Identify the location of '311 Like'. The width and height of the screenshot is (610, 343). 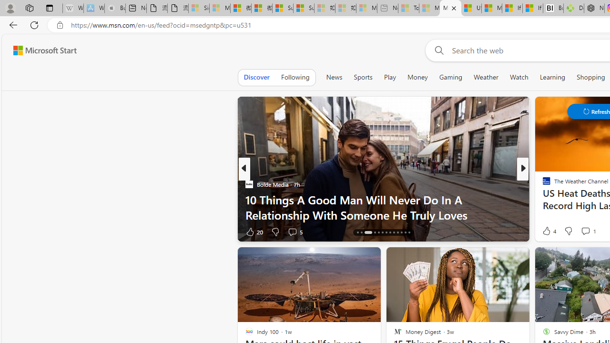
(549, 232).